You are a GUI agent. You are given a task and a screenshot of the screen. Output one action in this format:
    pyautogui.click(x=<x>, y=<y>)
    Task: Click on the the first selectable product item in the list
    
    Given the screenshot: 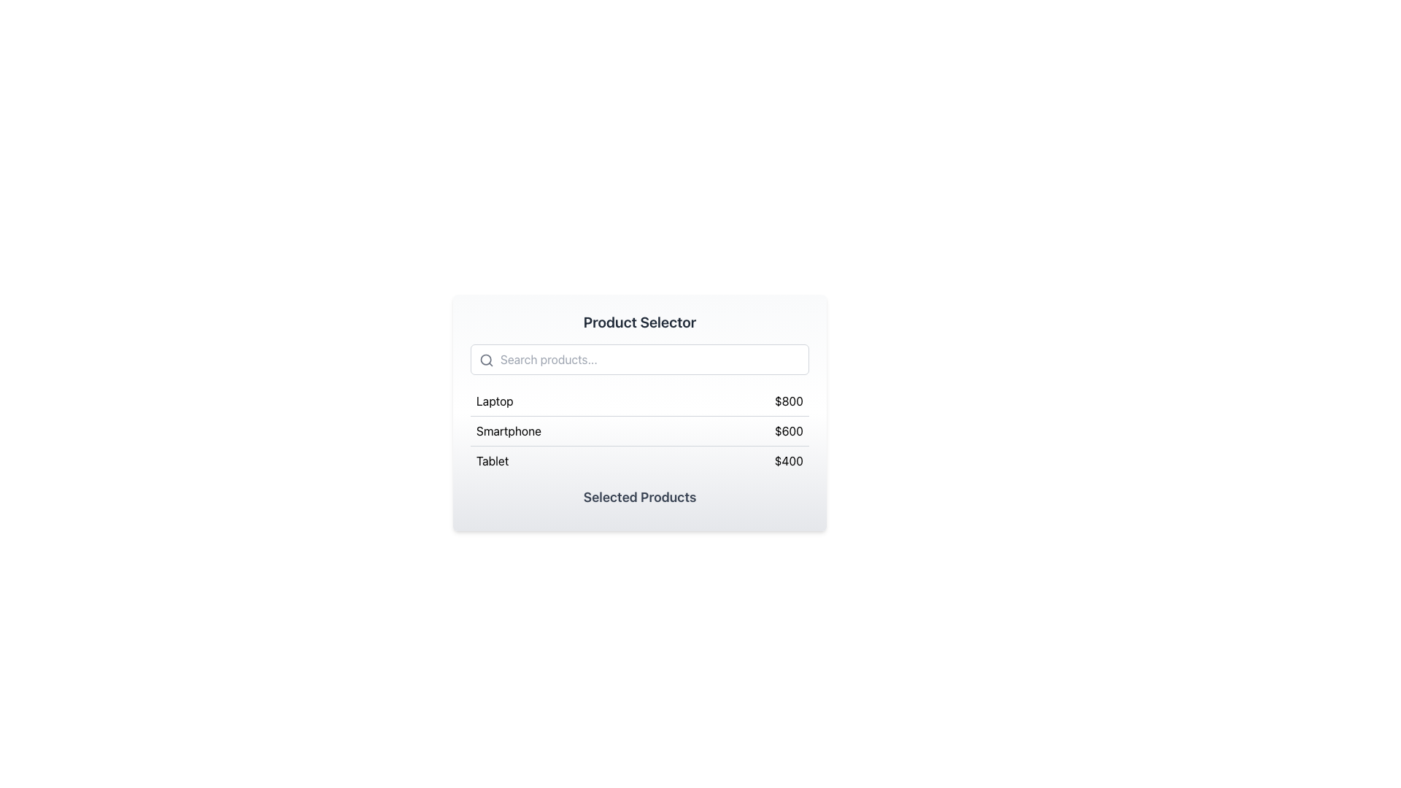 What is the action you would take?
    pyautogui.click(x=640, y=401)
    